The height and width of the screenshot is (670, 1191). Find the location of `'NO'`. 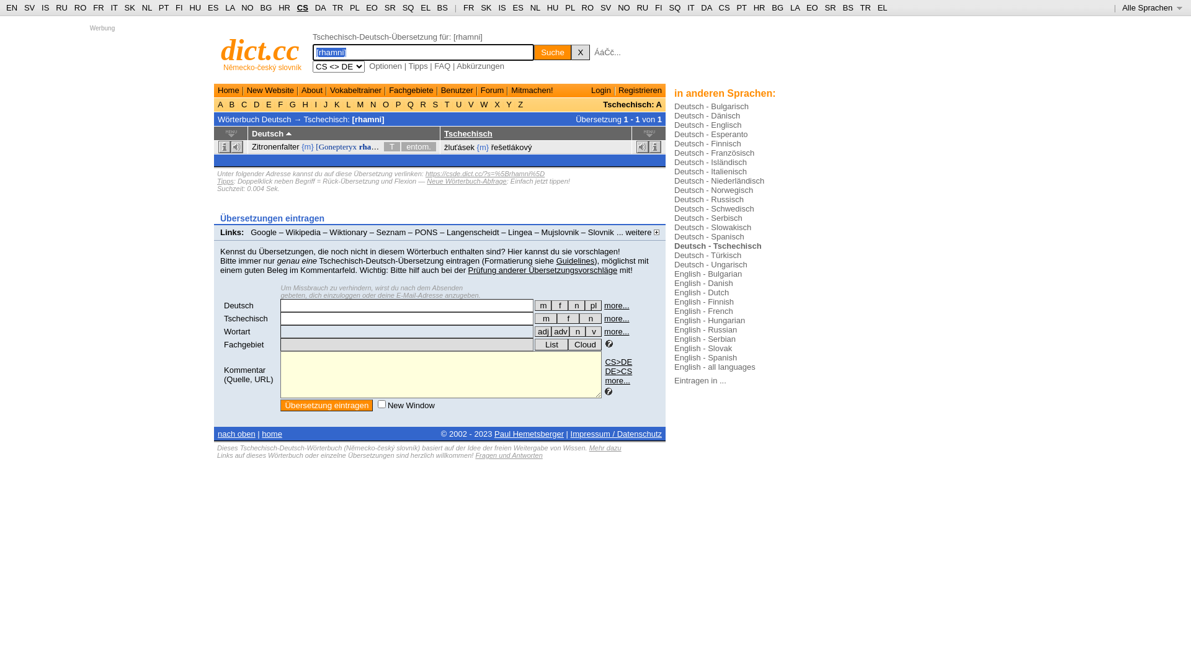

'NO' is located at coordinates (247, 7).